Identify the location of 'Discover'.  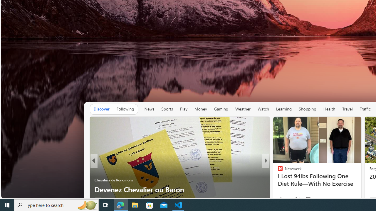
(101, 109).